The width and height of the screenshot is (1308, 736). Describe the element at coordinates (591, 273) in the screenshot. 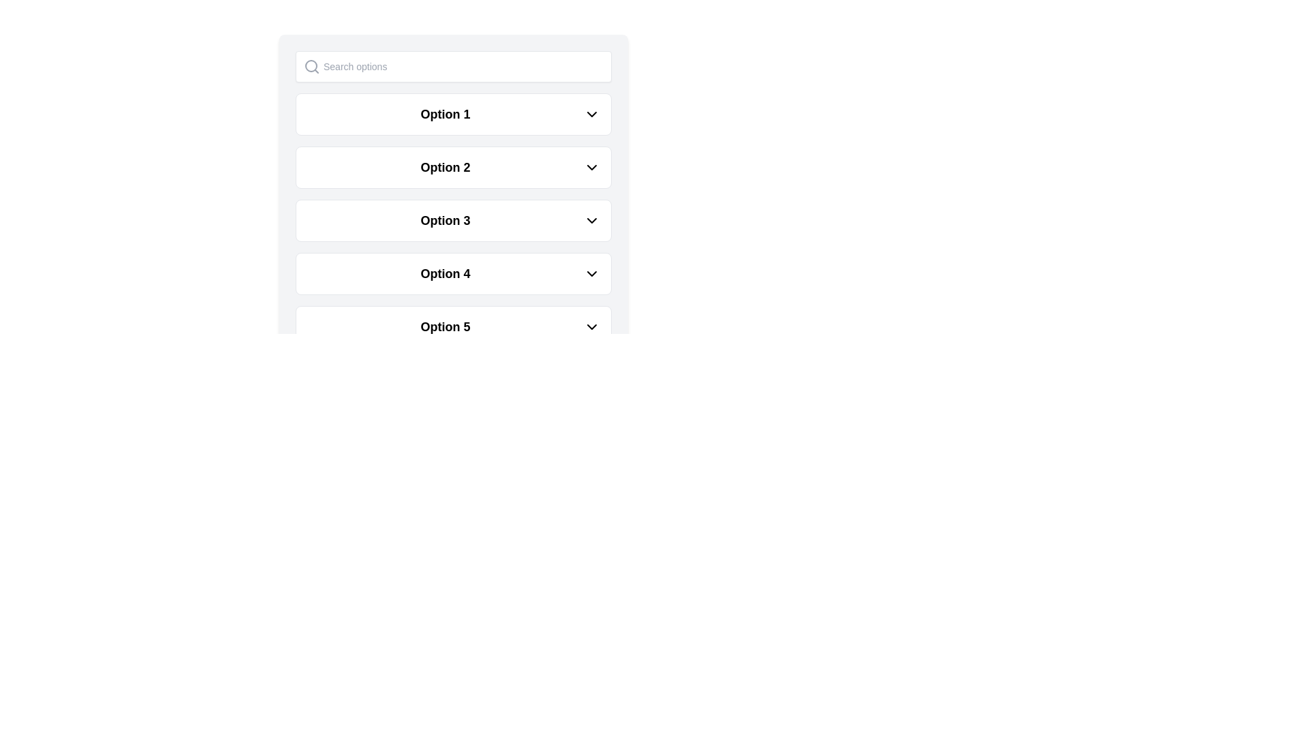

I see `the downward-pointing chevron icon in the right-most section of 'Option 4'` at that location.